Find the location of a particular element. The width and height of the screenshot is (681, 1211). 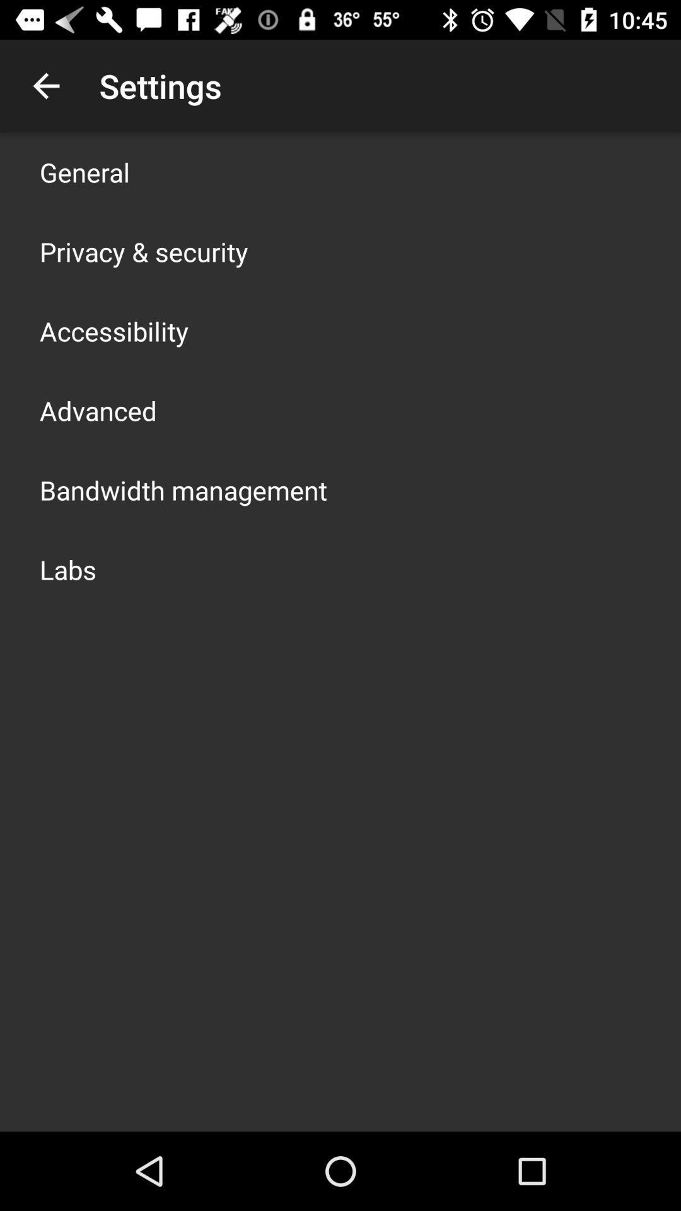

the app above labs item is located at coordinates (183, 489).